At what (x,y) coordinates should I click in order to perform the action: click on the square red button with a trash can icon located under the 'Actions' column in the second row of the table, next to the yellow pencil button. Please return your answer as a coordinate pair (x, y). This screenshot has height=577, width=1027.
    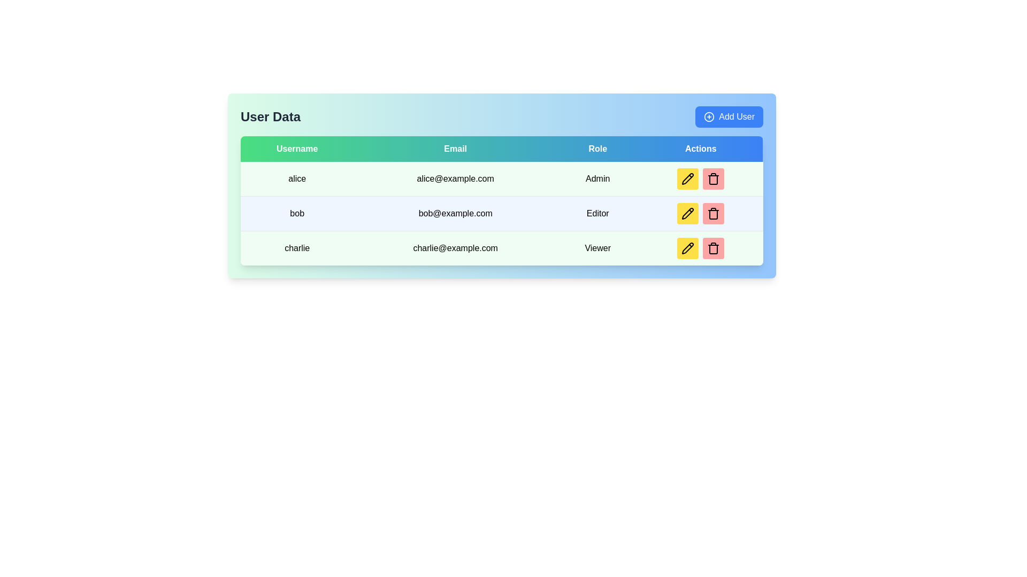
    Looking at the image, I should click on (714, 214).